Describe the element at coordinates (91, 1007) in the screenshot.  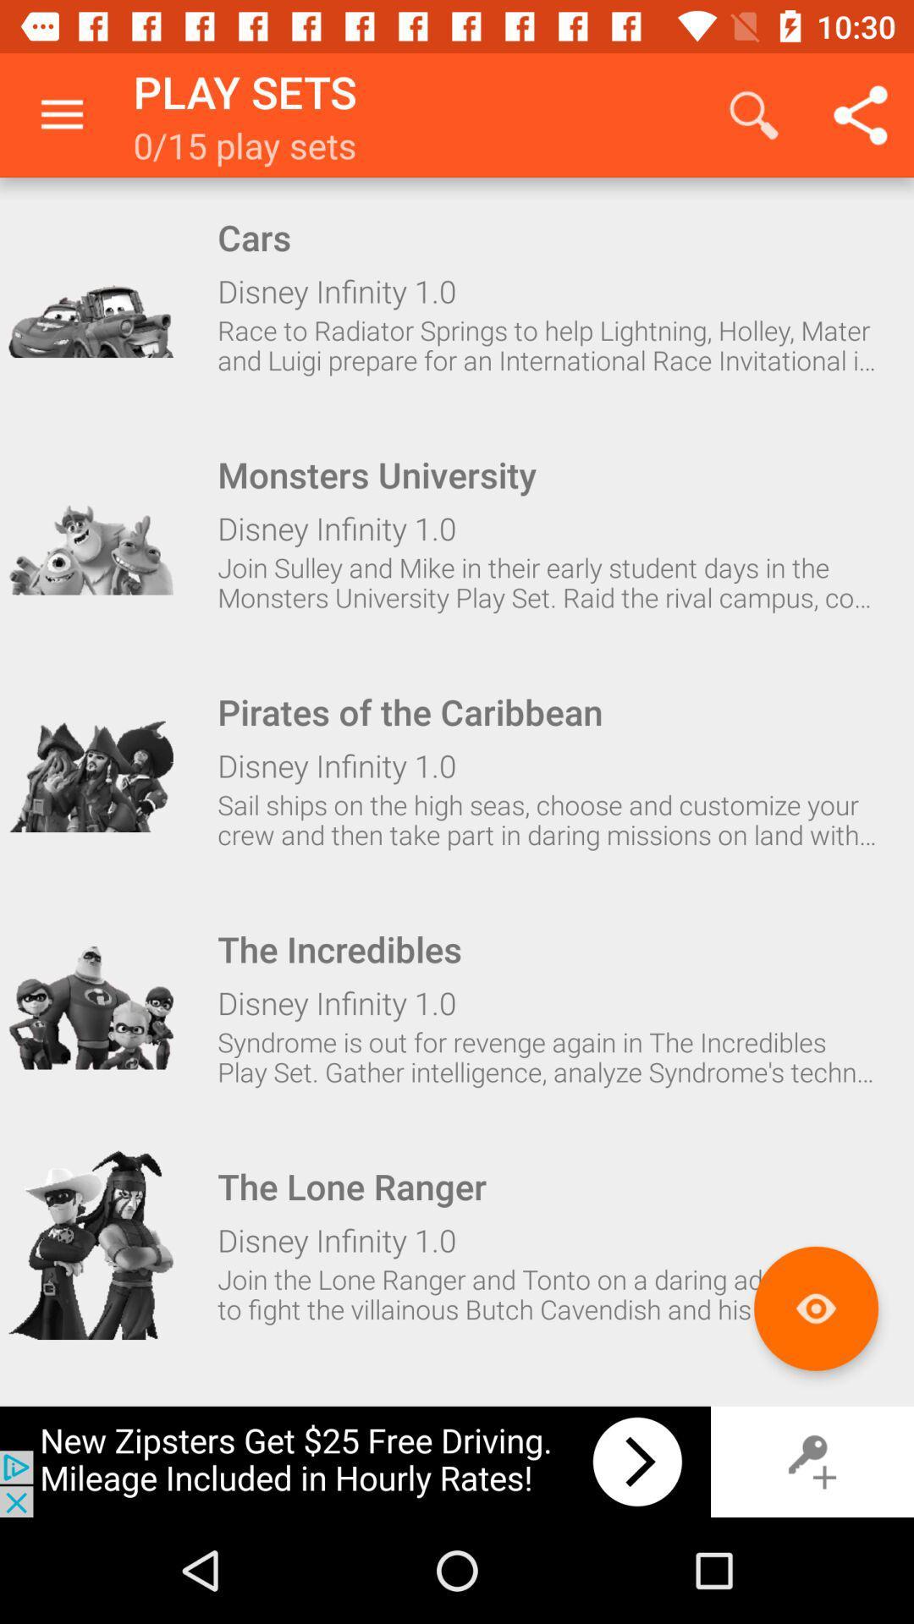
I see `the incredibles set` at that location.